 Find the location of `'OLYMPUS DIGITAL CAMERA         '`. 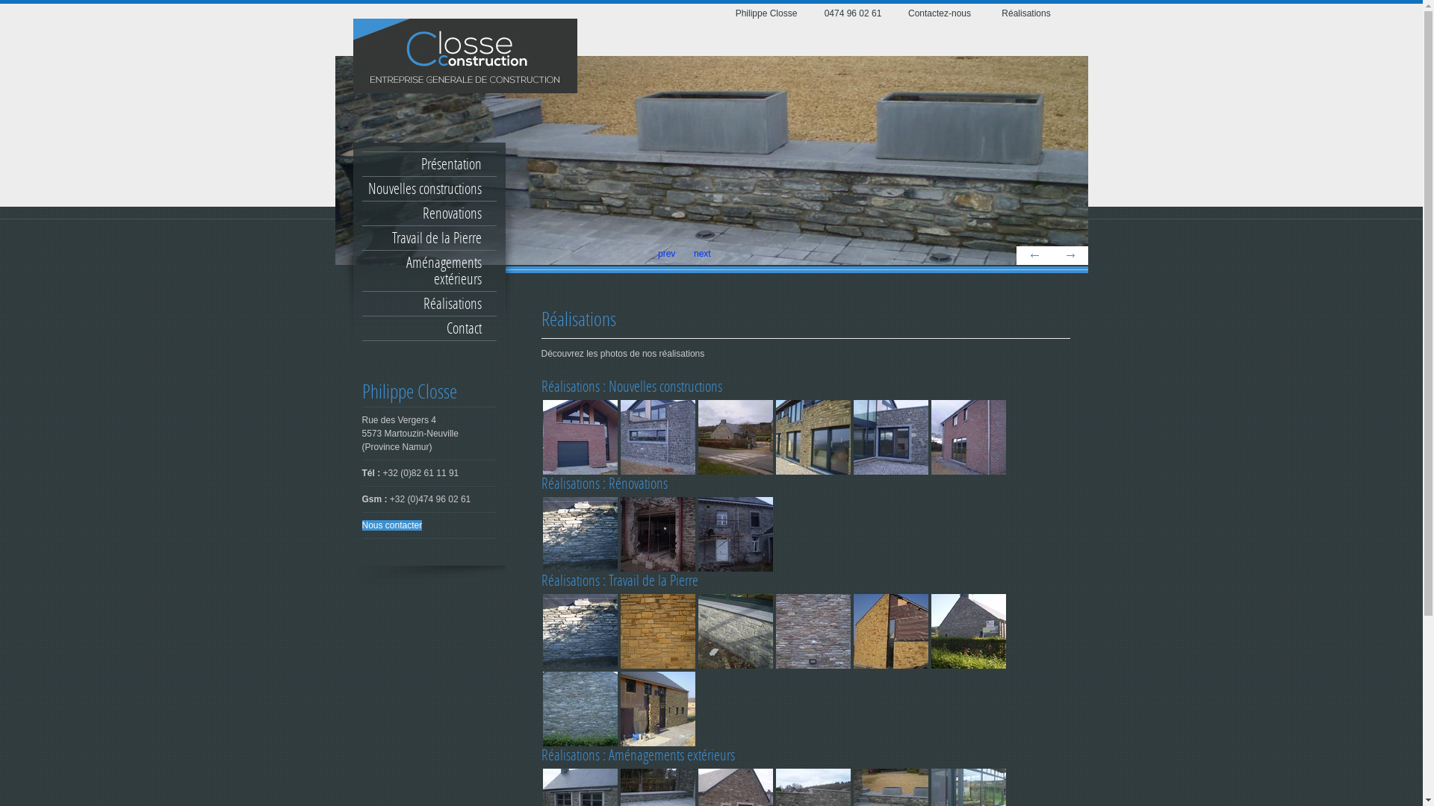

'OLYMPUS DIGITAL CAMERA         ' is located at coordinates (579, 534).